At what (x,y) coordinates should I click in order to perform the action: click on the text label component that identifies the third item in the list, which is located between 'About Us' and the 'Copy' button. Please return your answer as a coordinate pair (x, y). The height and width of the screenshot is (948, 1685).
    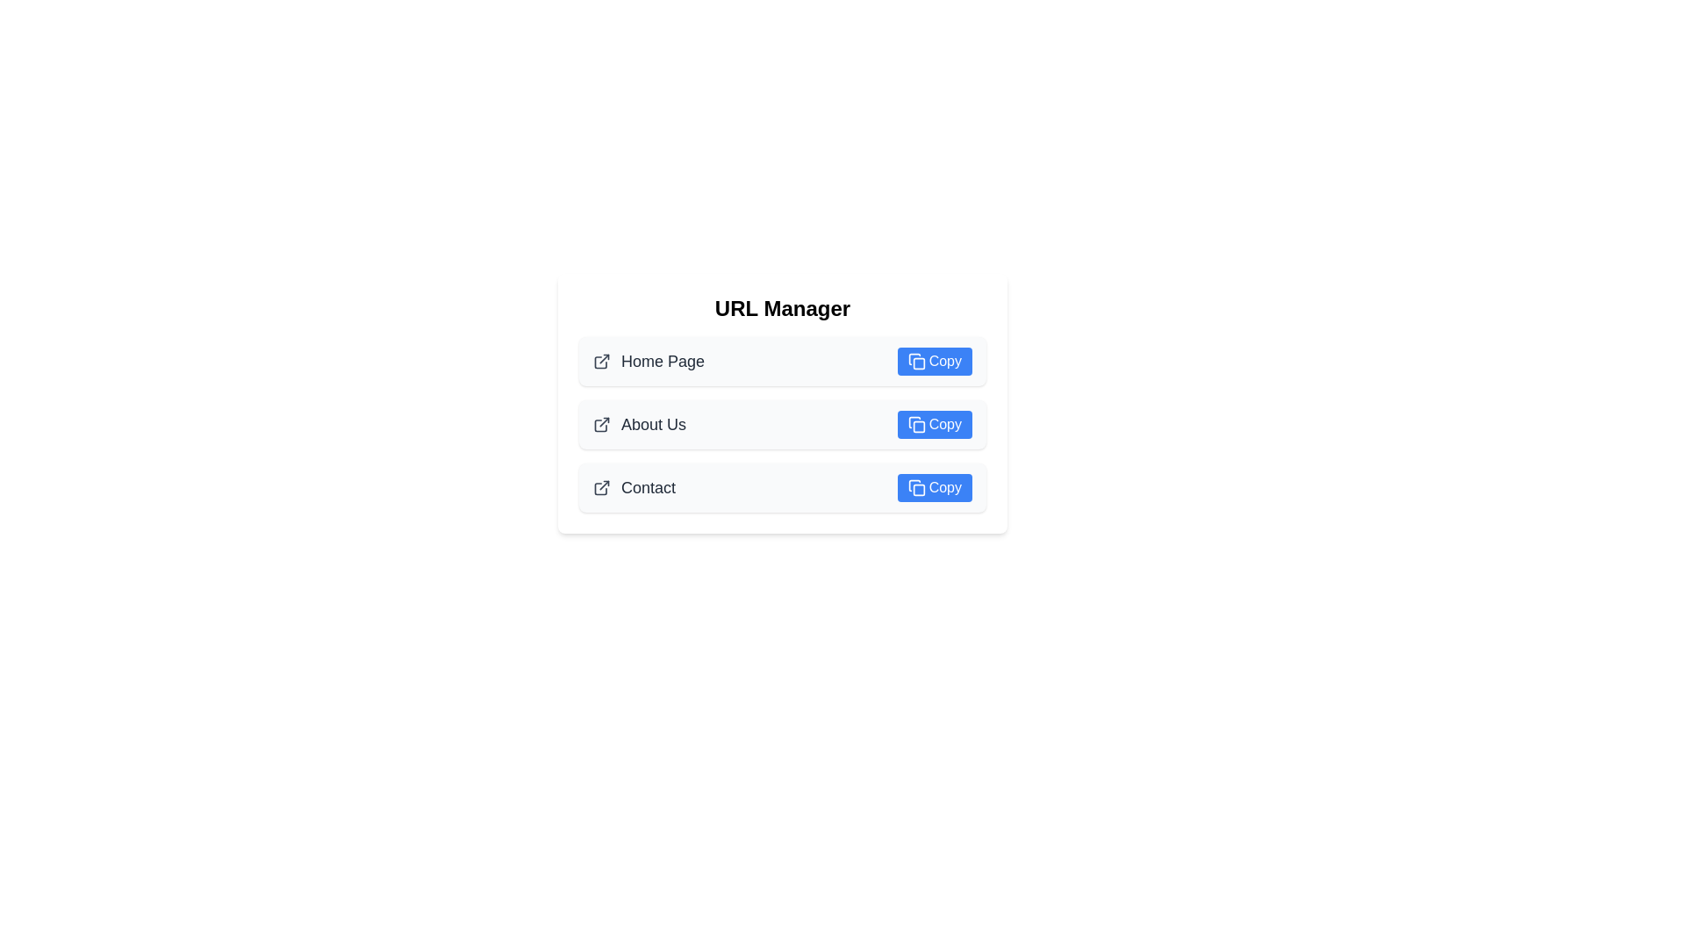
    Looking at the image, I should click on (648, 487).